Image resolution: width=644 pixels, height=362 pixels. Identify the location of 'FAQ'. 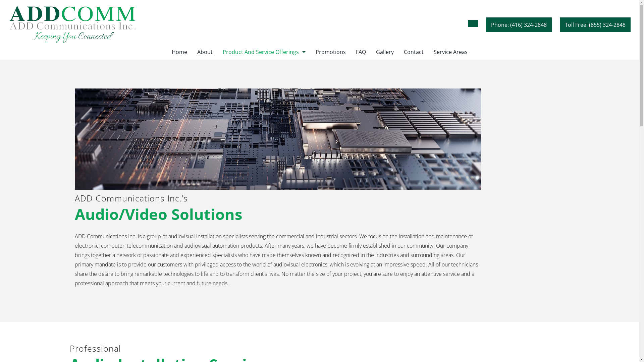
(360, 52).